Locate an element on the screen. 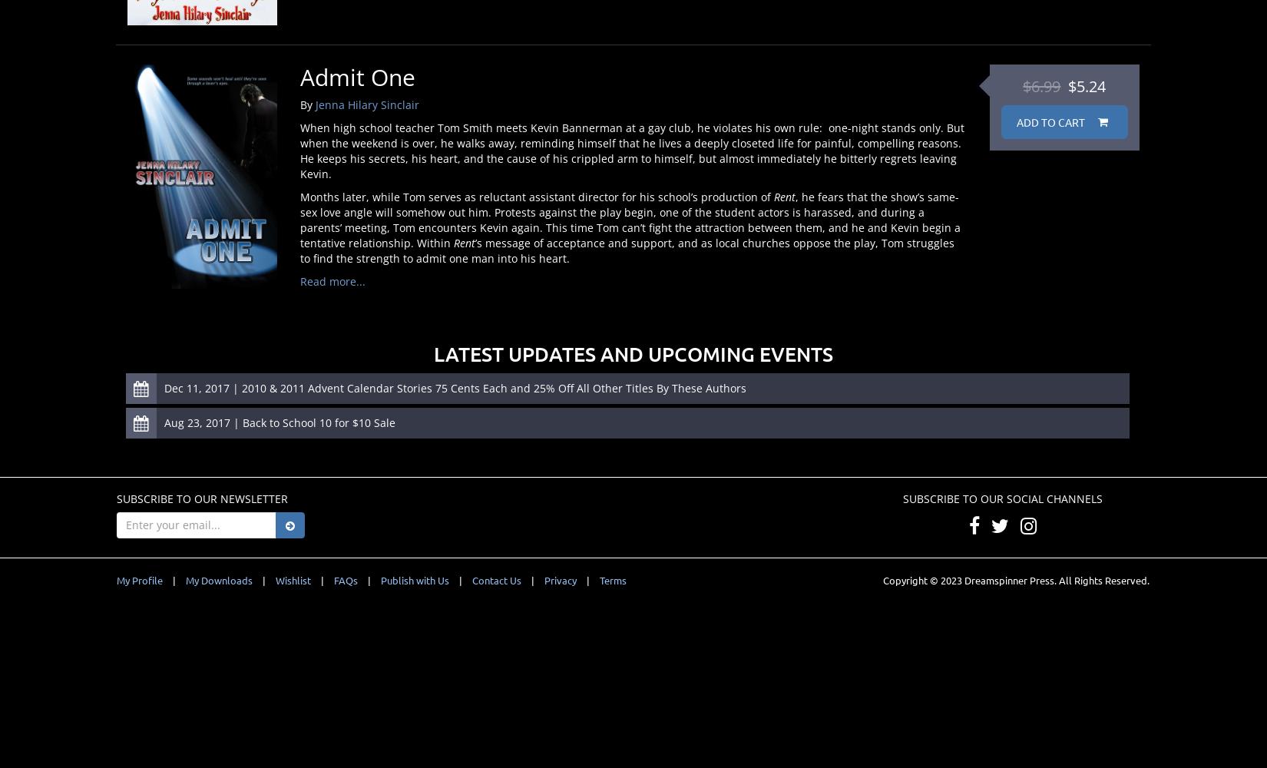  'Subscribe to our Newsletter' is located at coordinates (202, 498).